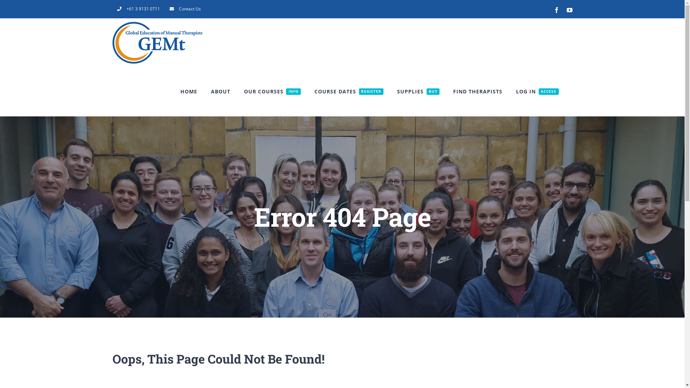 The height and width of the screenshot is (388, 690). What do you see at coordinates (272, 91) in the screenshot?
I see `'OUR COURSES` at bounding box center [272, 91].